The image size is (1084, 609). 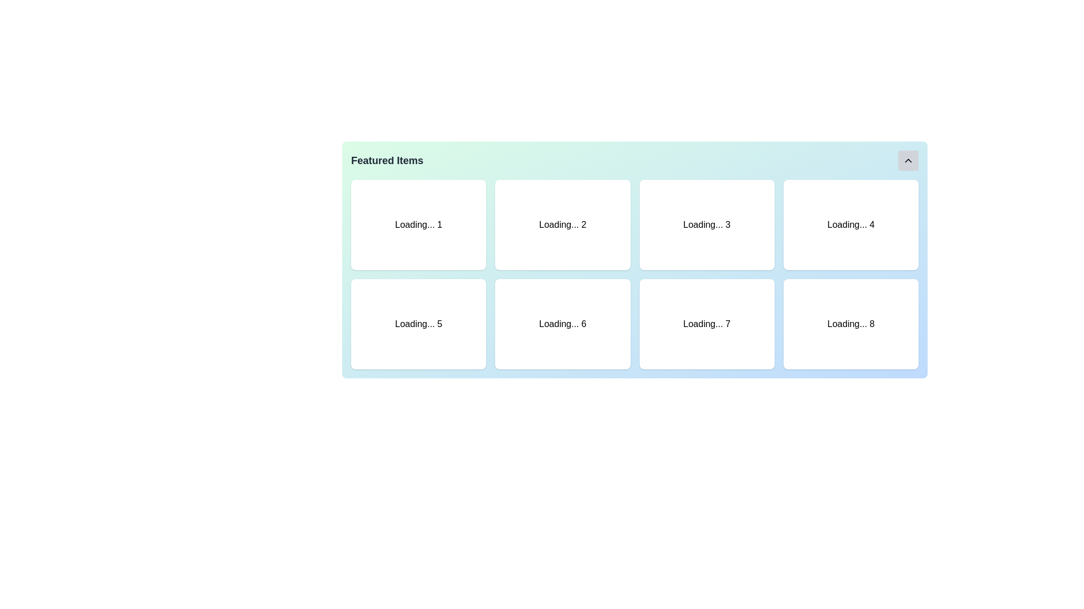 I want to click on the static text card that displays 'Loading... 5', which is located in the second row, first column of a 4x2 grid layout, directly below 'Loading... 1' and to the left of 'Loading... 6', so click(x=418, y=324).